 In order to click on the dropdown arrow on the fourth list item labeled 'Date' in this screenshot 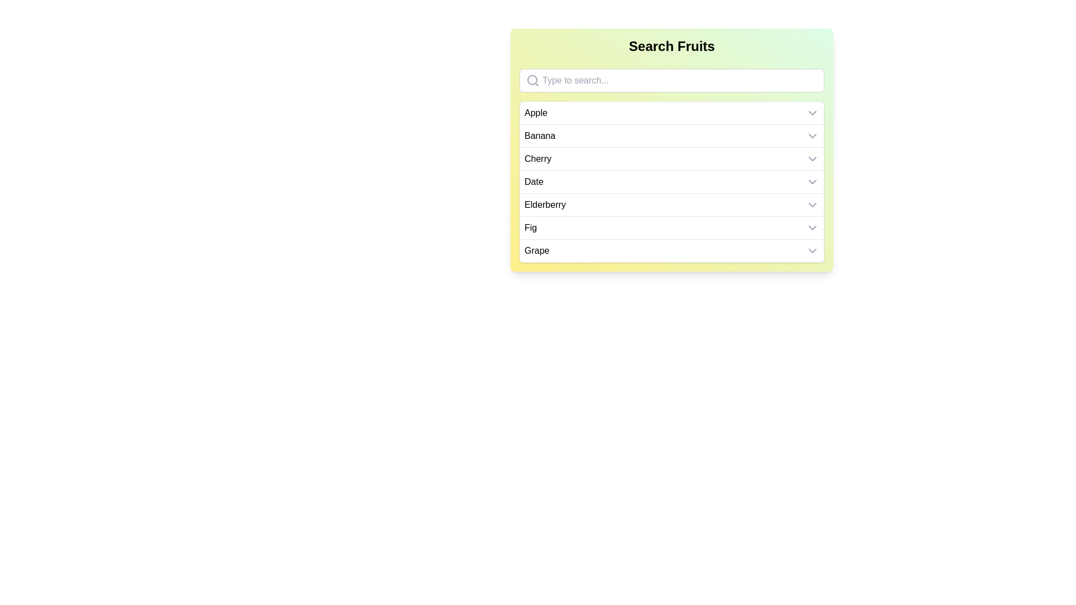, I will do `click(672, 181)`.